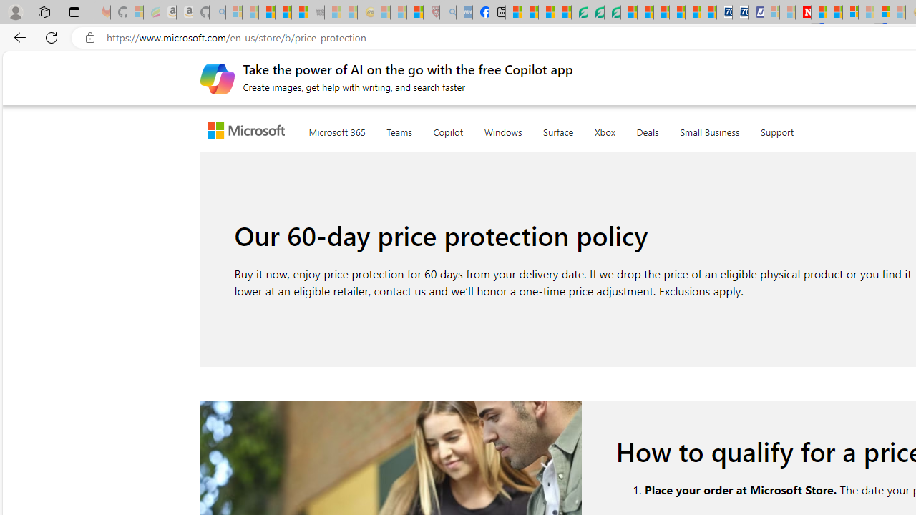  Describe the element at coordinates (771, 12) in the screenshot. I see `'Microsoft account | Privacy - Sleeping'` at that location.